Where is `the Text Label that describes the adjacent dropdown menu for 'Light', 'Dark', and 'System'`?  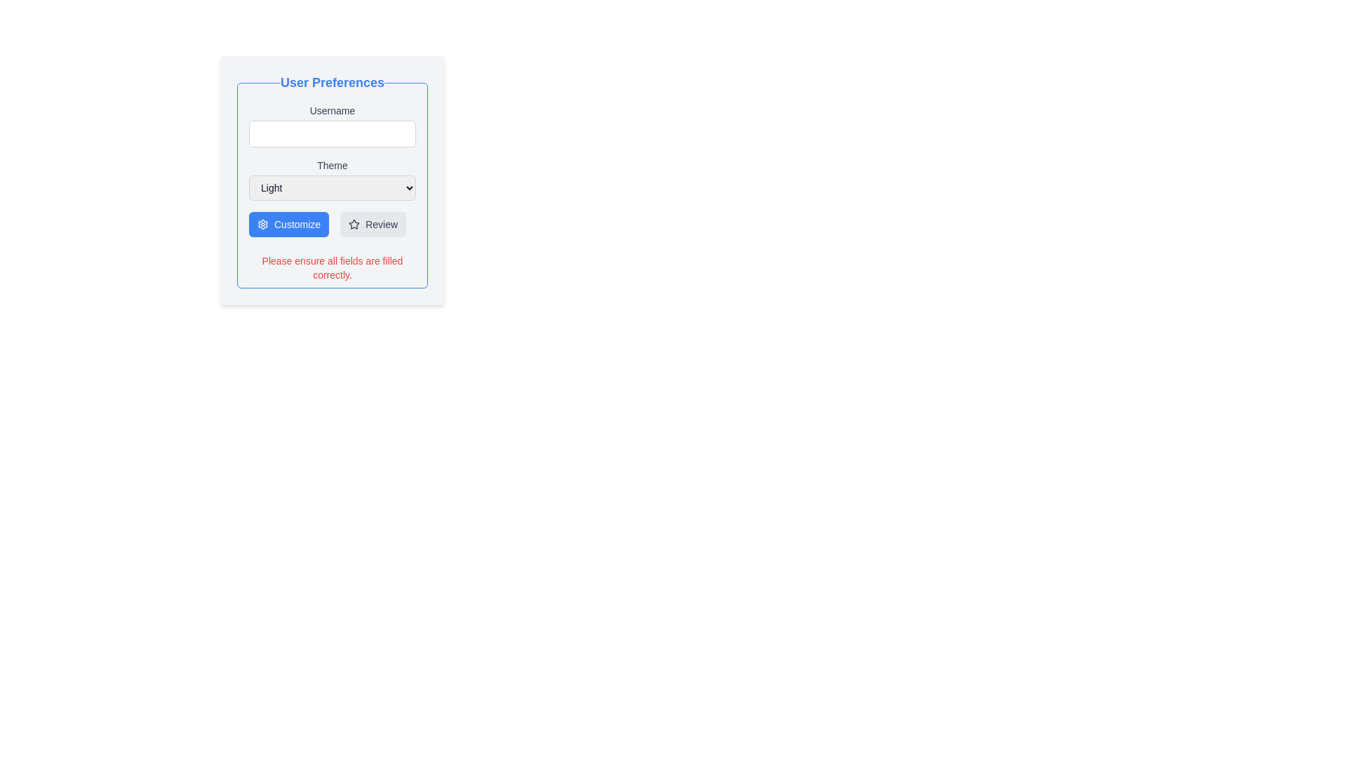
the Text Label that describes the adjacent dropdown menu for 'Light', 'Dark', and 'System' is located at coordinates (332, 164).